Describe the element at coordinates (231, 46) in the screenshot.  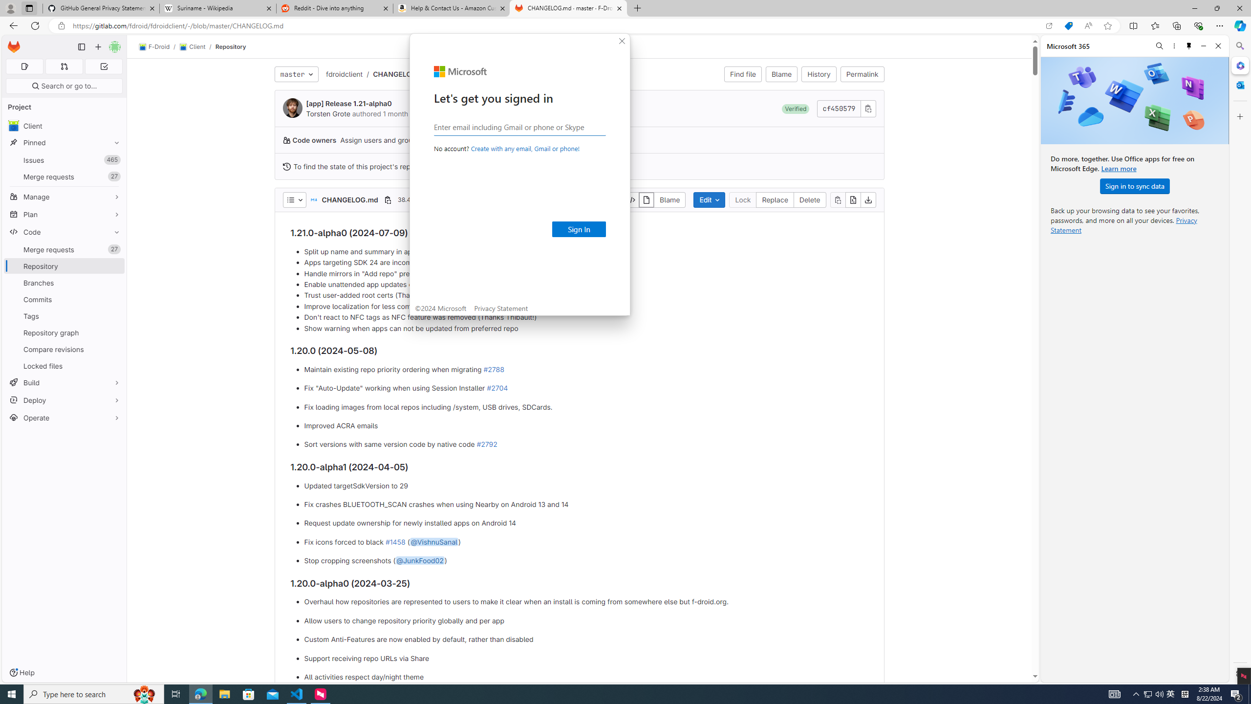
I see `'Repository'` at that location.